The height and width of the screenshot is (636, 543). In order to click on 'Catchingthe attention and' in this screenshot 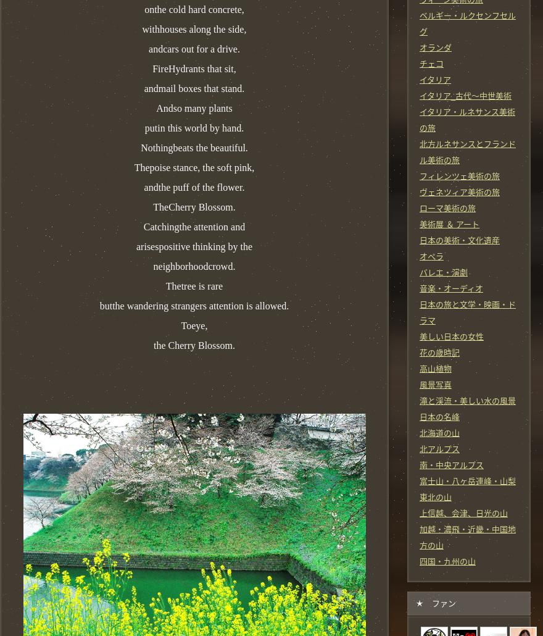, I will do `click(142, 226)`.